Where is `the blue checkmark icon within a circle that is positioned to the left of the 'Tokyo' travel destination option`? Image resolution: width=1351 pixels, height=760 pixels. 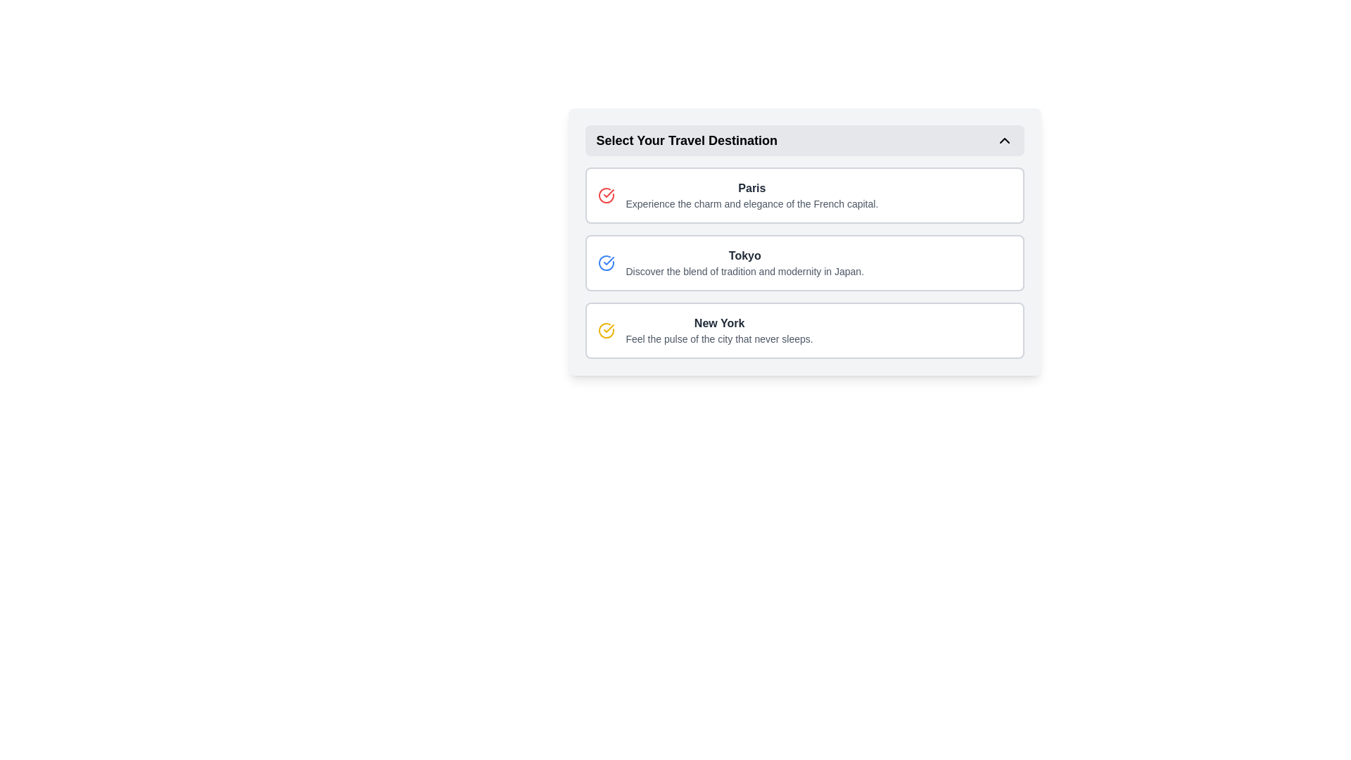 the blue checkmark icon within a circle that is positioned to the left of the 'Tokyo' travel destination option is located at coordinates (606, 263).